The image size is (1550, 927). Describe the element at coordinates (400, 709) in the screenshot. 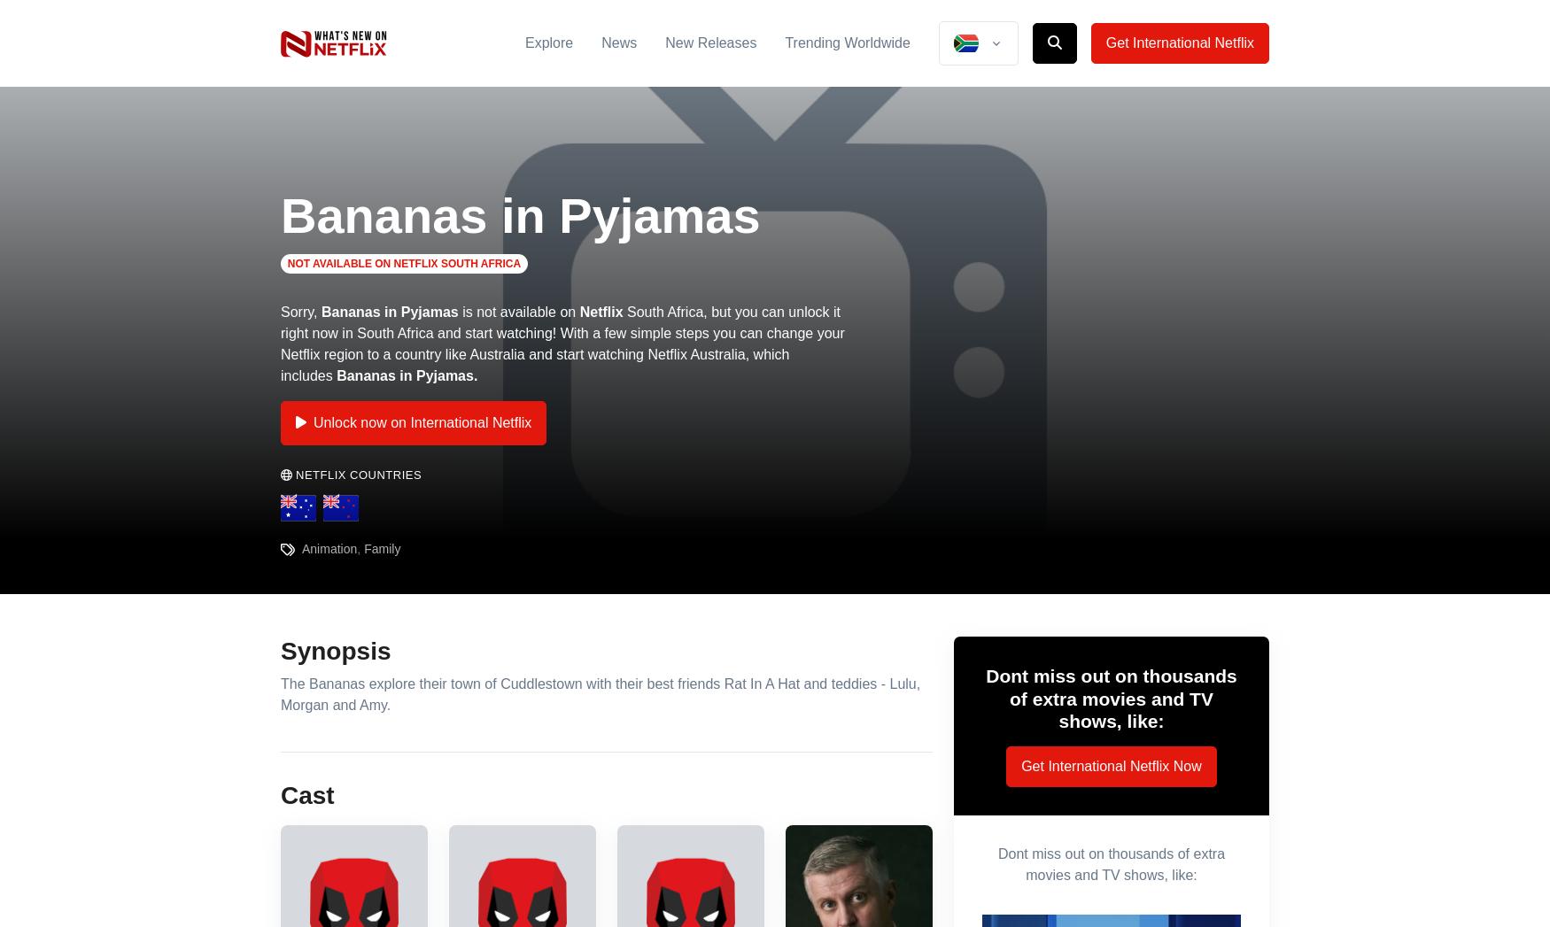

I see `'Download the ExpressVPN app from the app store and create an account.'` at that location.